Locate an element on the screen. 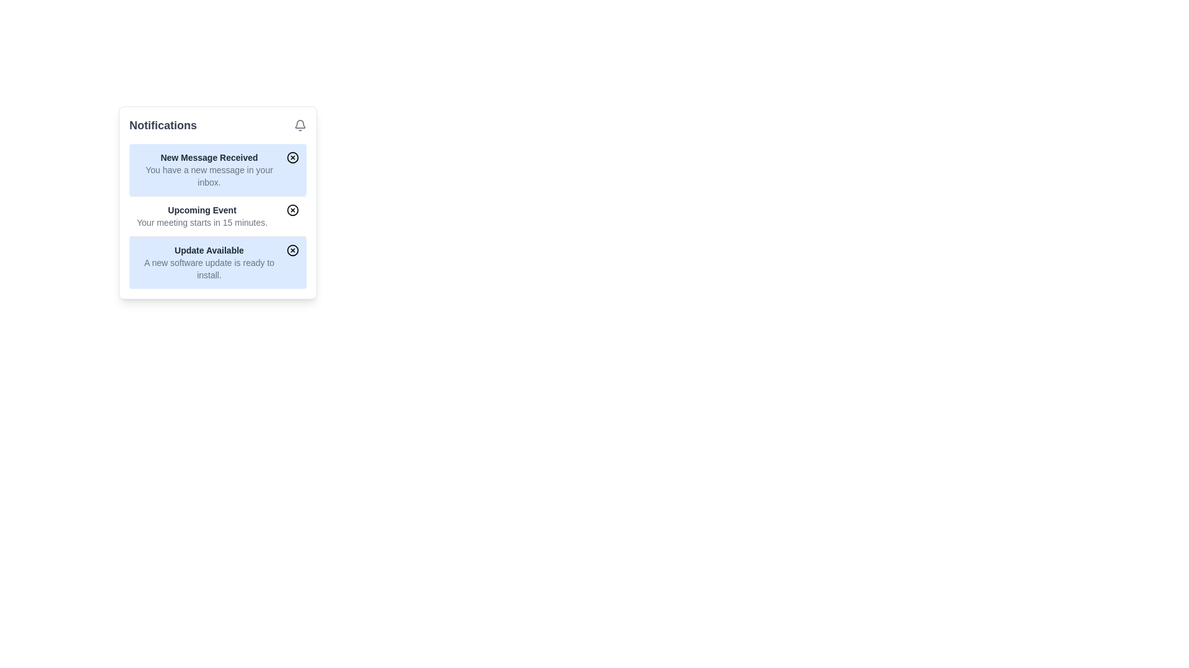  the close button located at the rightmost position of the 'Update Available' notification card is located at coordinates (292, 250).